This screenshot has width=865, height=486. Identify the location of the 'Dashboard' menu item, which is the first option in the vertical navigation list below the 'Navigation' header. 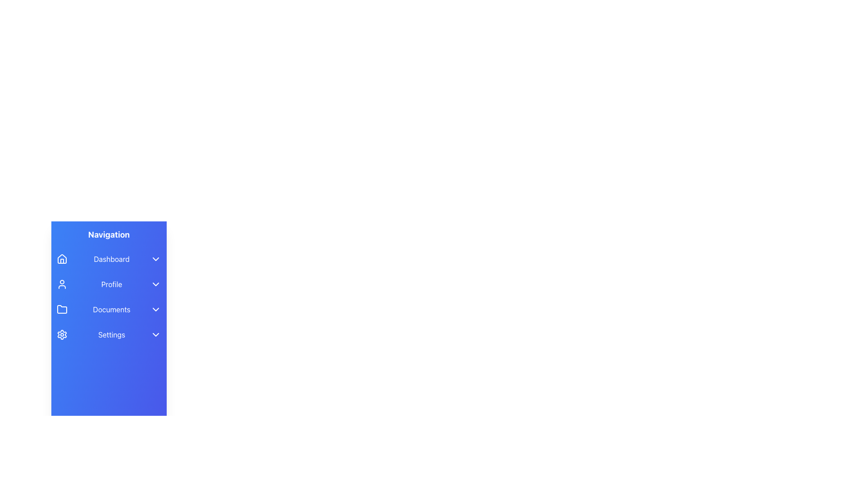
(108, 259).